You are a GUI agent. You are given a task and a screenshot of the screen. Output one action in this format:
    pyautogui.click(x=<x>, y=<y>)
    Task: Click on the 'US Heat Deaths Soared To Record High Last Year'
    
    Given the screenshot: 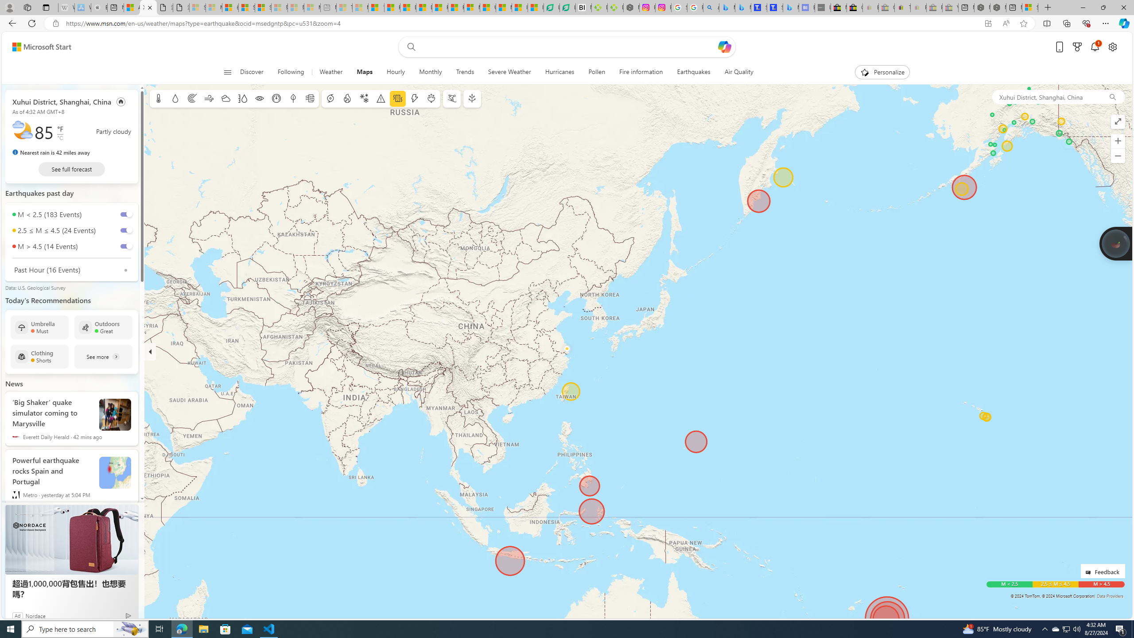 What is the action you would take?
    pyautogui.click(x=488, y=7)
    